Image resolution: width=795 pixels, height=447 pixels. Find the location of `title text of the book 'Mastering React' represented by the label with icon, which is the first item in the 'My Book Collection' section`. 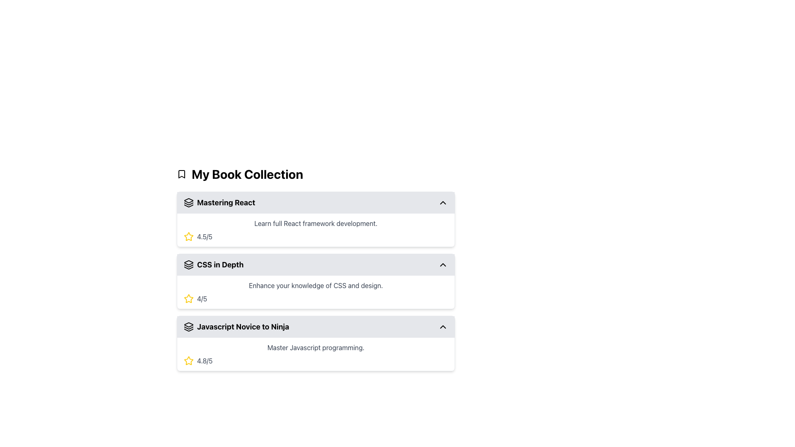

title text of the book 'Mastering React' represented by the label with icon, which is the first item in the 'My Book Collection' section is located at coordinates (219, 202).